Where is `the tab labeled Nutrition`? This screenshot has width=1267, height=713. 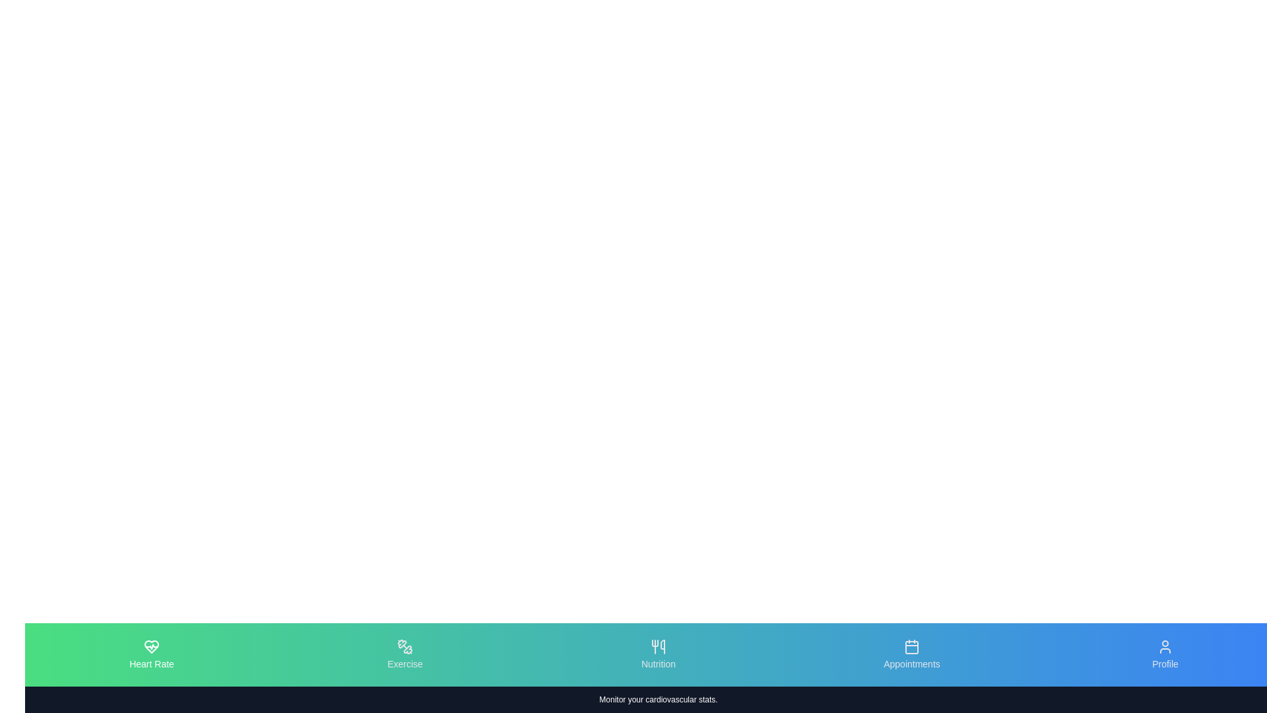 the tab labeled Nutrition is located at coordinates (659, 654).